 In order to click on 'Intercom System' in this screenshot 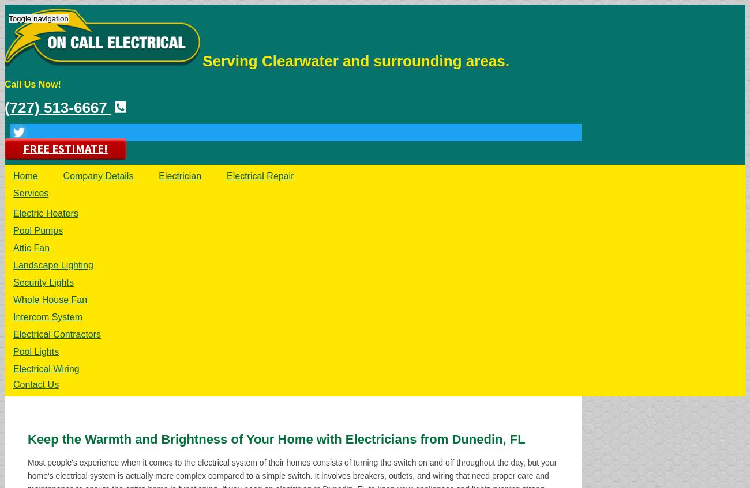, I will do `click(47, 317)`.